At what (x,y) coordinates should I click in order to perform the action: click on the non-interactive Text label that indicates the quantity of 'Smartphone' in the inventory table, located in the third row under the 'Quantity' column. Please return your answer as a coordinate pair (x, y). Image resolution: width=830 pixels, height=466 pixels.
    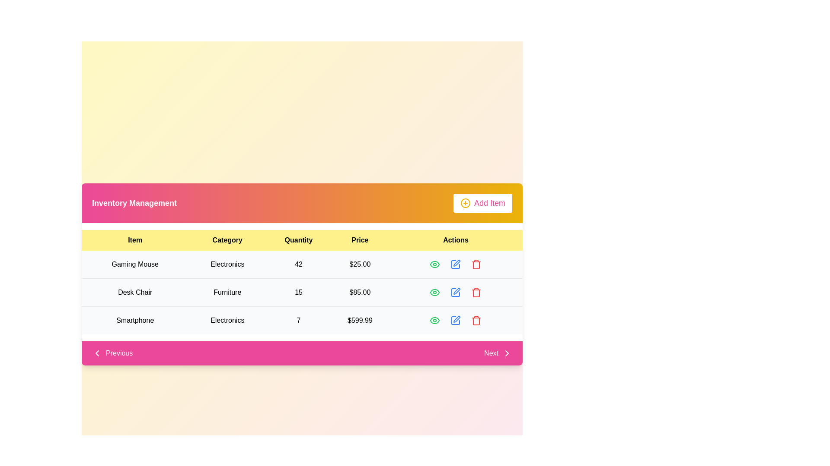
    Looking at the image, I should click on (299, 320).